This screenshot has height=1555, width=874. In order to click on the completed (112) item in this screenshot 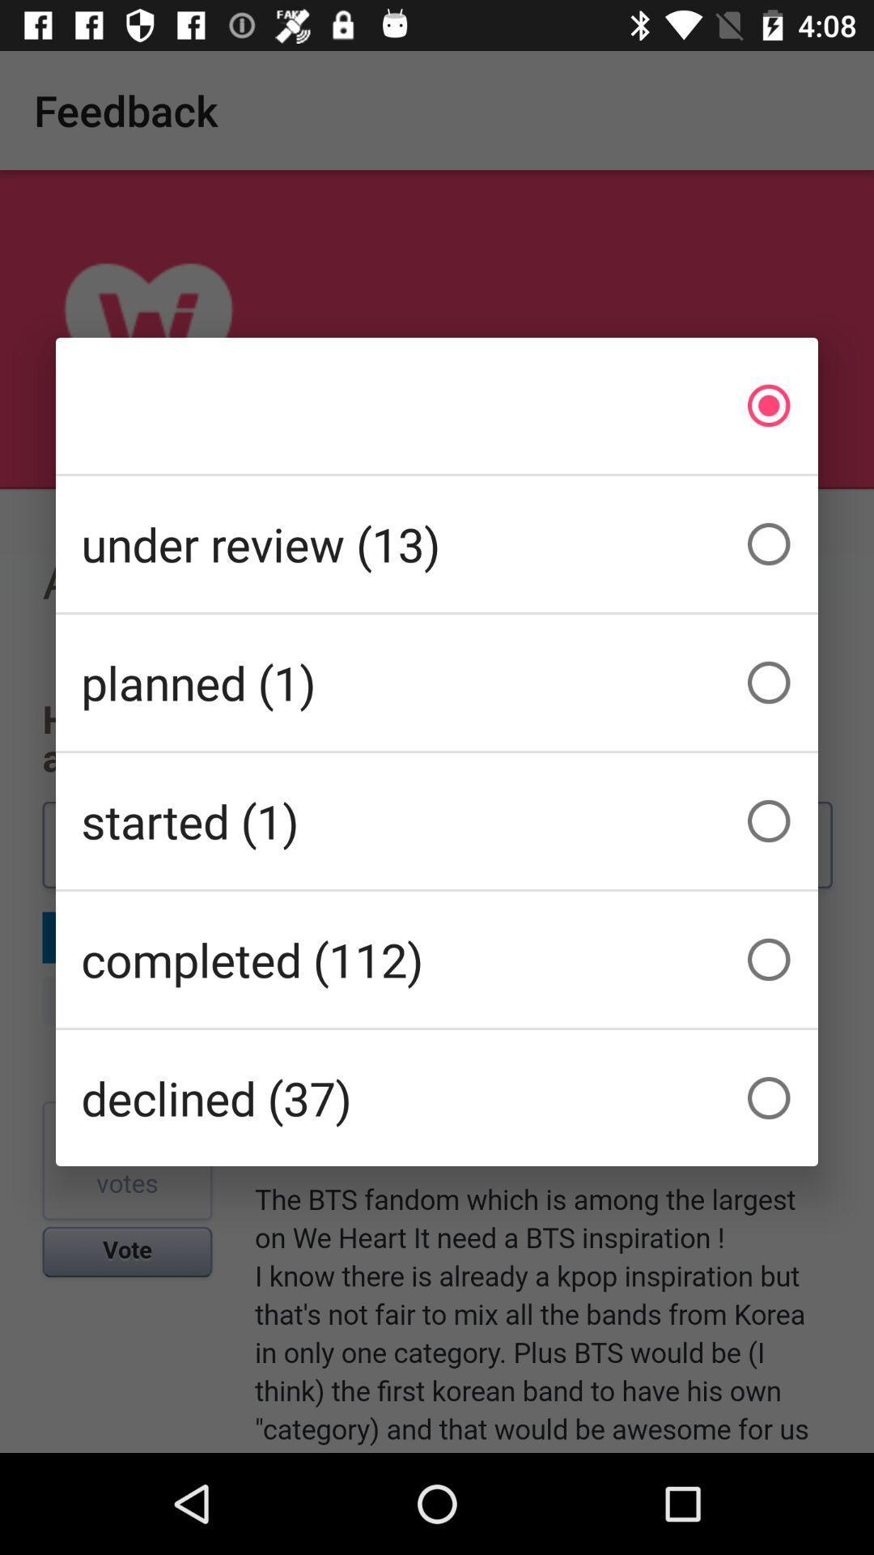, I will do `click(437, 960)`.